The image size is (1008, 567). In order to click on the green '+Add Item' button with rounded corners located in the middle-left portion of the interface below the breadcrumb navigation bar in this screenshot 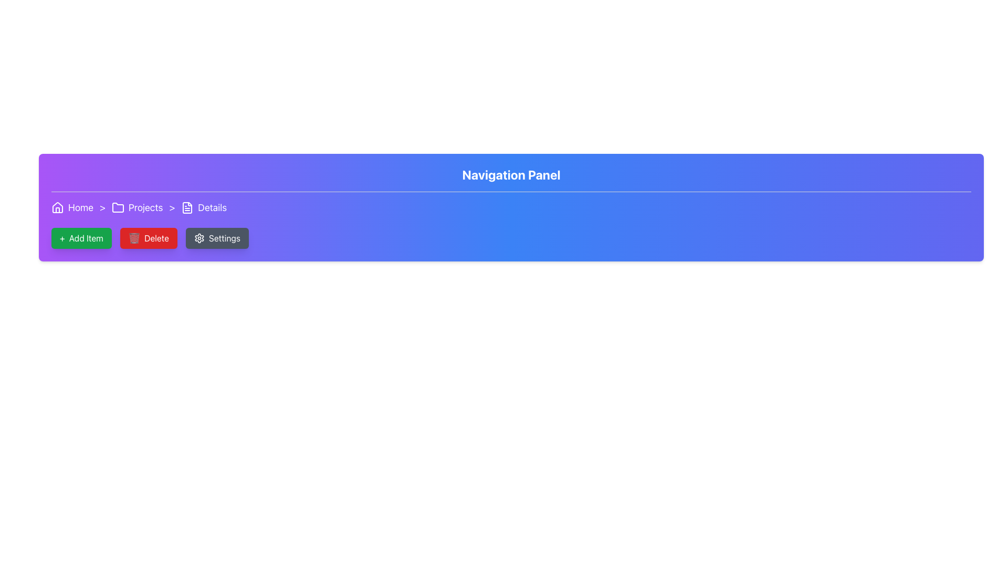, I will do `click(81, 238)`.